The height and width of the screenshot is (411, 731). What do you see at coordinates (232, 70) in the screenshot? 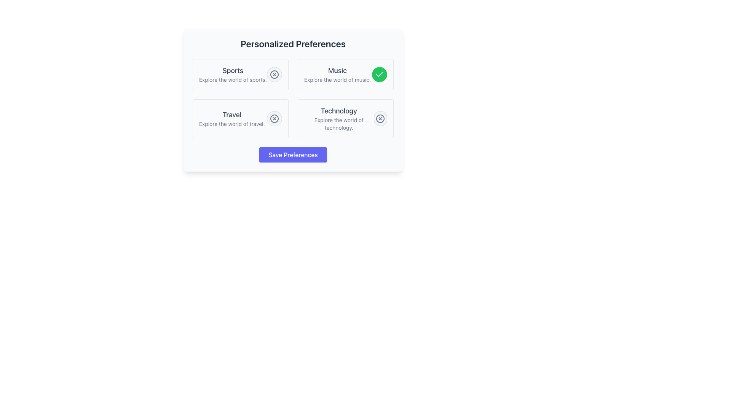
I see `the Static Text element that serves as a header for the Sports preference option, located in the top-left quadrant of the grid layout` at bounding box center [232, 70].